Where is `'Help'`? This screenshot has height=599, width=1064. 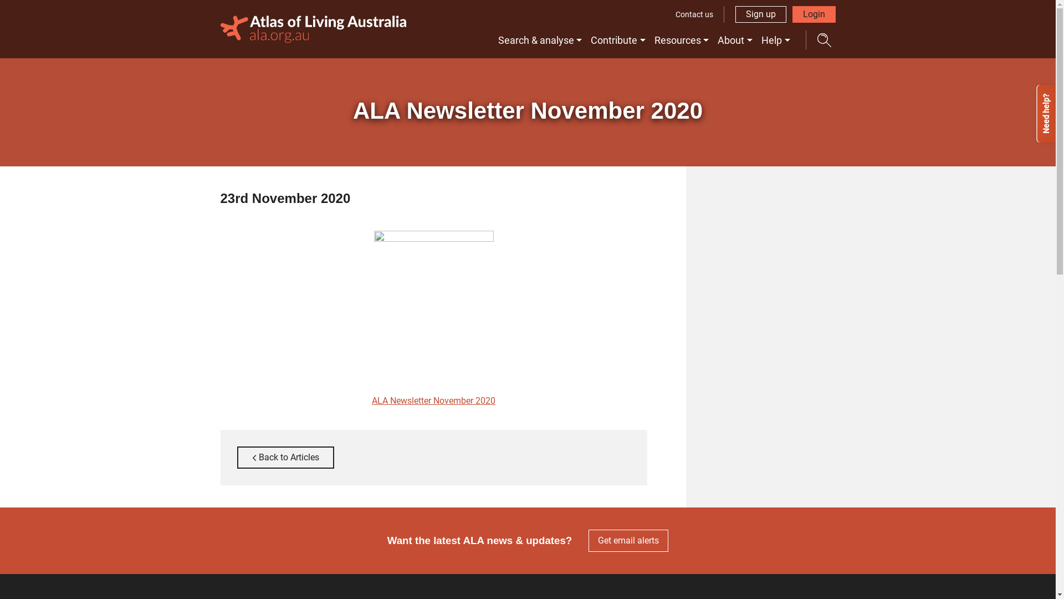
'Help' is located at coordinates (775, 39).